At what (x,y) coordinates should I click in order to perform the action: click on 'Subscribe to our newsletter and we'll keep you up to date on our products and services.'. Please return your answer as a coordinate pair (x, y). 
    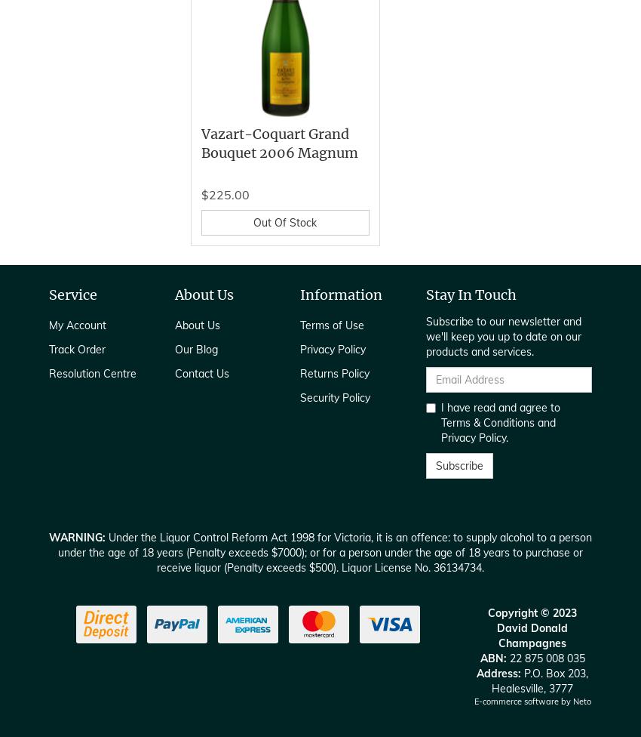
    Looking at the image, I should click on (425, 335).